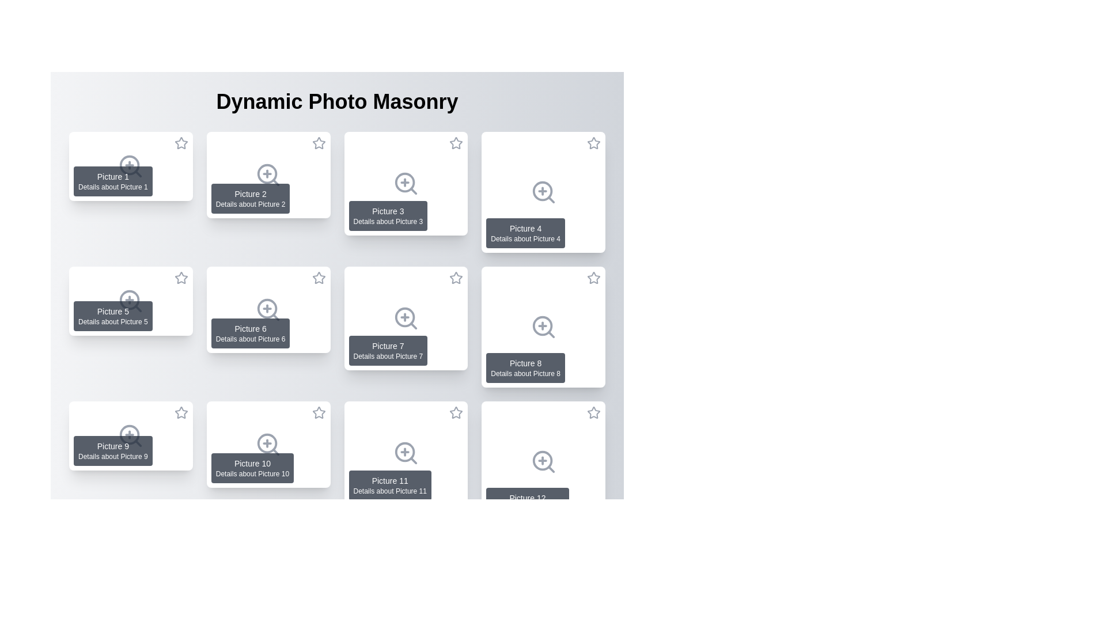 This screenshot has width=1106, height=622. I want to click on the second interactive item card in the gallery titled 'Dynamic Photo Masonry', so click(268, 175).